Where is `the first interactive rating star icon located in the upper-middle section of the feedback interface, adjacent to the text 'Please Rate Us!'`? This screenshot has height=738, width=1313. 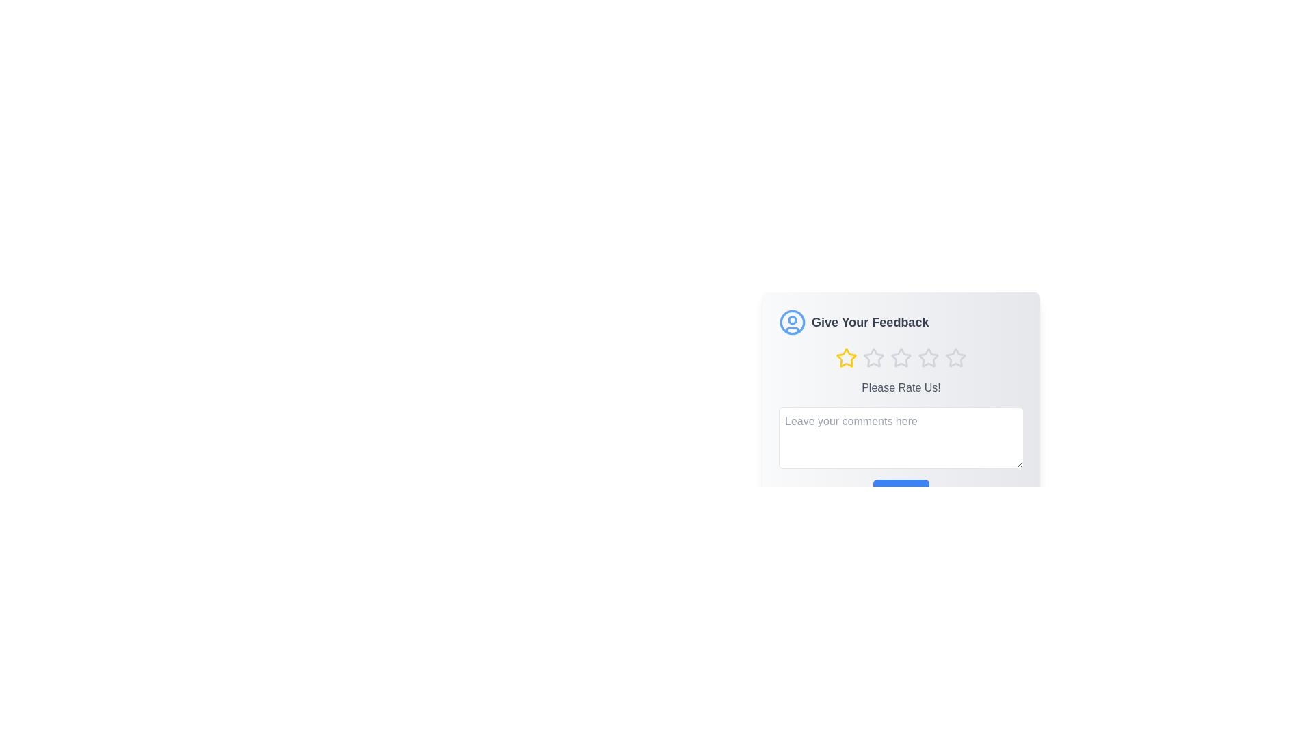
the first interactive rating star icon located in the upper-middle section of the feedback interface, adjacent to the text 'Please Rate Us!' is located at coordinates (846, 357).